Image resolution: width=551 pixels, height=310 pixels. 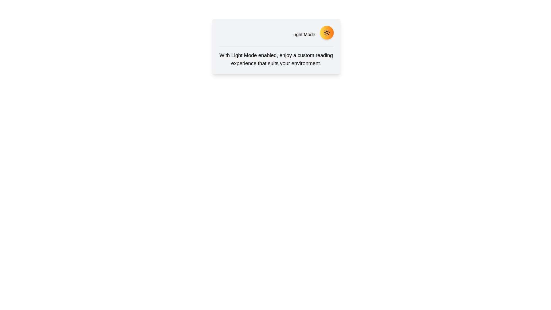 What do you see at coordinates (327, 33) in the screenshot?
I see `the button to toggle between Light Mode and Dark Mode` at bounding box center [327, 33].